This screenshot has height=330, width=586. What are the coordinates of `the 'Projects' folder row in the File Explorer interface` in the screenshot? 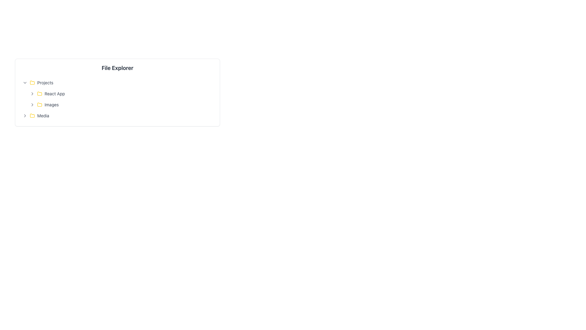 It's located at (45, 82).